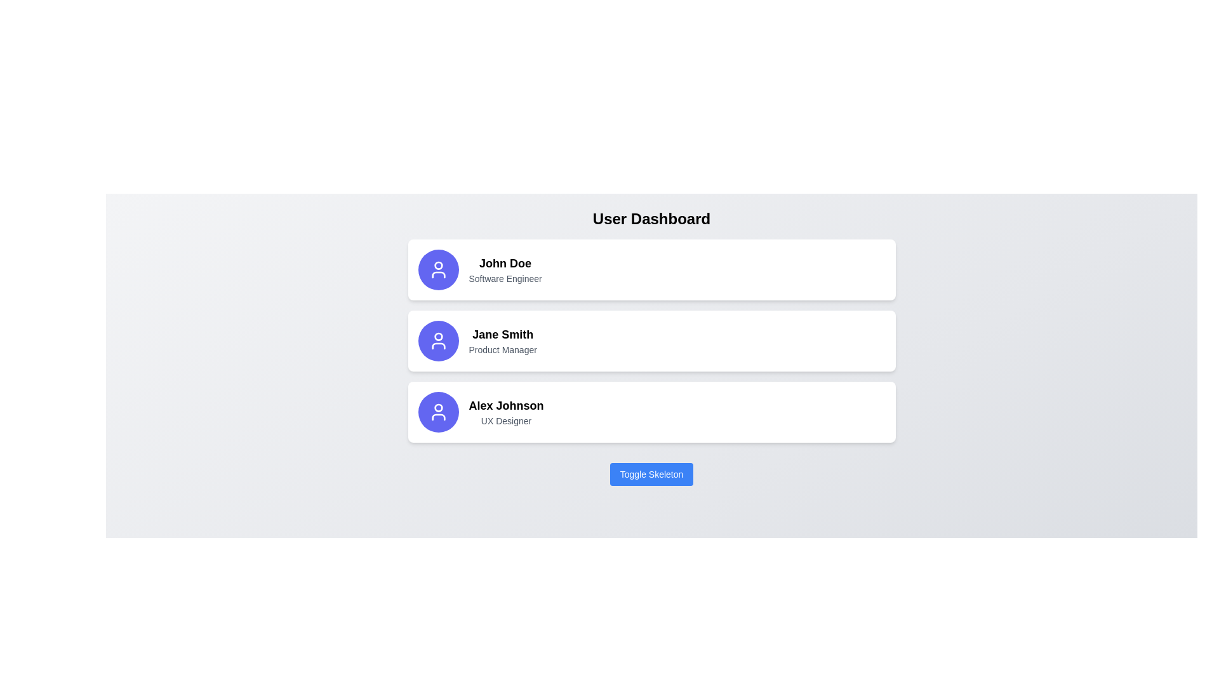  I want to click on the Text Label that serves as the title for the user dashboard, located at the top center of the interface above user profiles, so click(651, 218).